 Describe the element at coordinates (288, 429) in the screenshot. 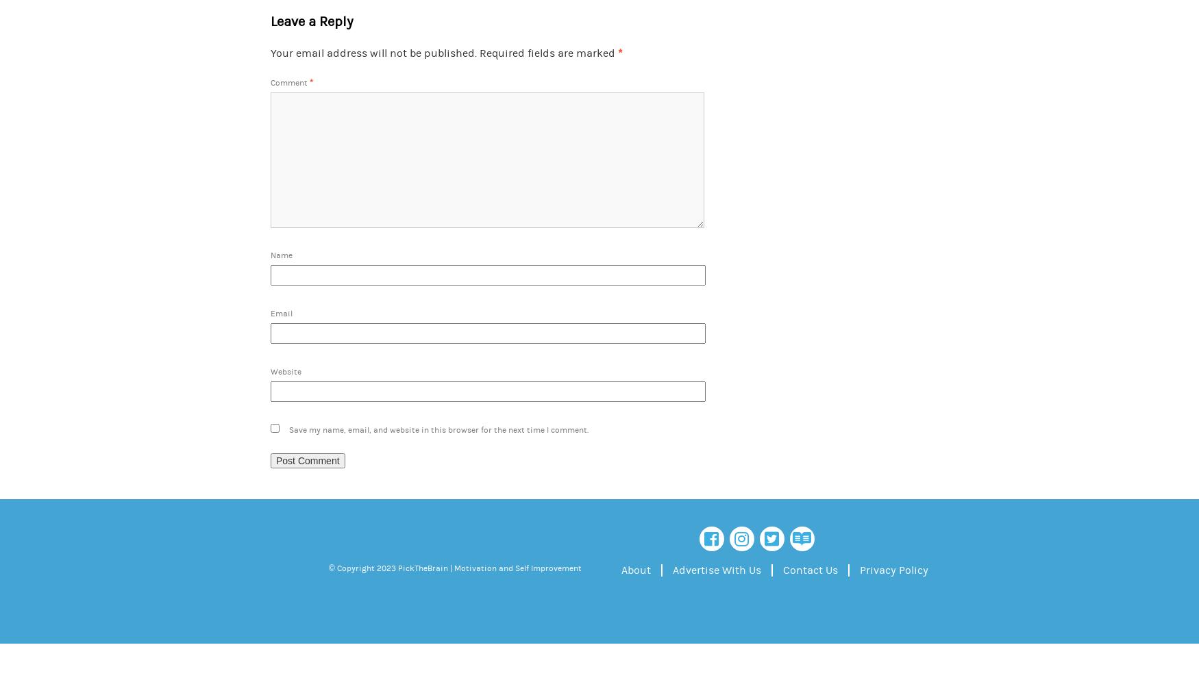

I see `'Save my name, email, and website in this browser for the next time I comment.'` at that location.